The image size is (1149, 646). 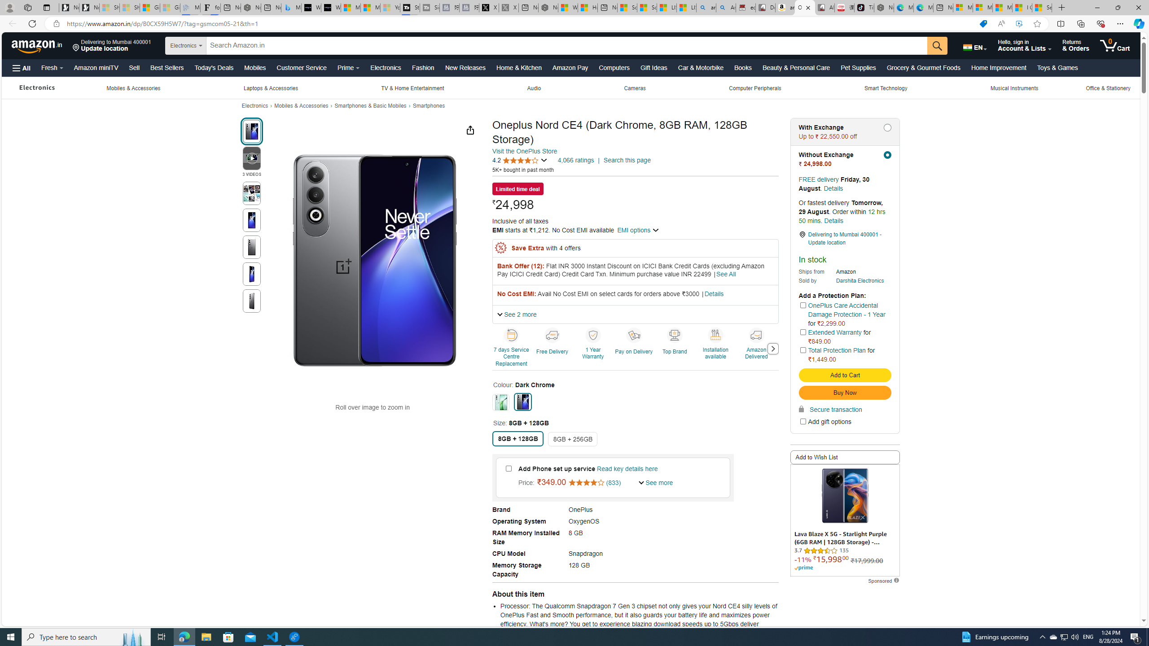 What do you see at coordinates (522, 402) in the screenshot?
I see `'Dark Chrome'` at bounding box center [522, 402].